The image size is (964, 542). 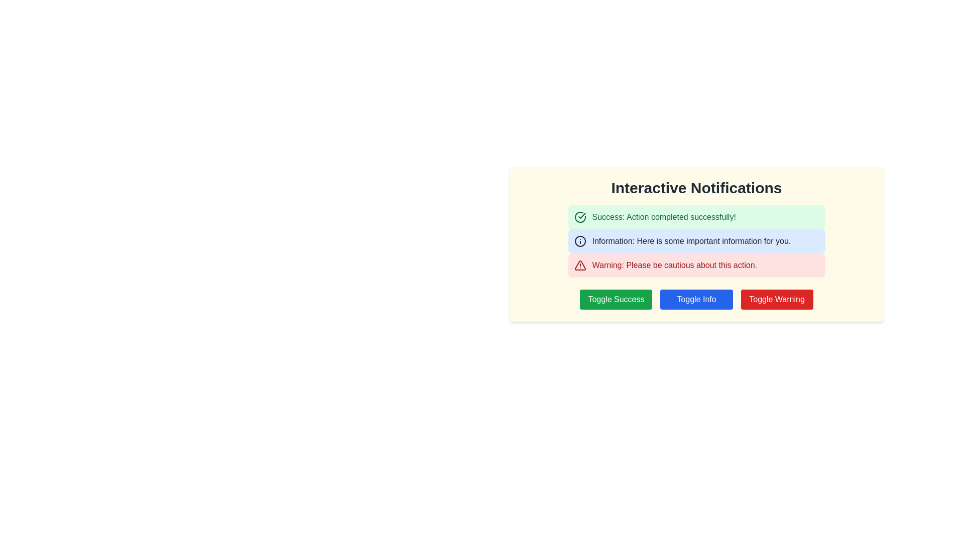 I want to click on the notification box with a light green background containing the text 'Success: Action completed successfully!', so click(x=696, y=216).